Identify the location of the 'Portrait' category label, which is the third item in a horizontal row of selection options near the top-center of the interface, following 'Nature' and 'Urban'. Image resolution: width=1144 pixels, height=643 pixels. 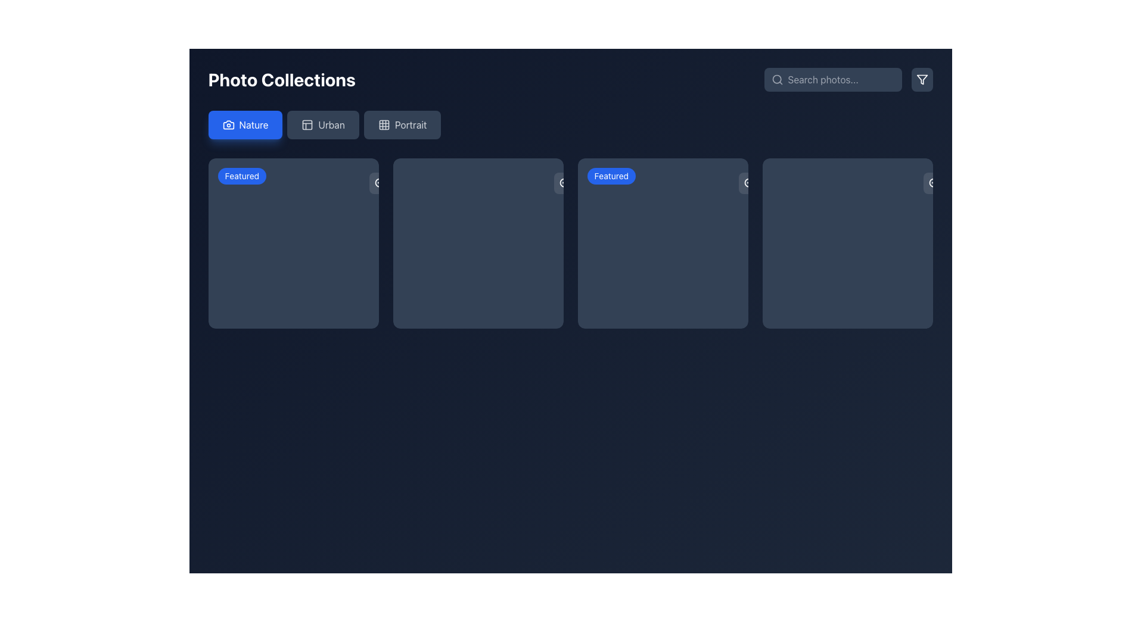
(411, 124).